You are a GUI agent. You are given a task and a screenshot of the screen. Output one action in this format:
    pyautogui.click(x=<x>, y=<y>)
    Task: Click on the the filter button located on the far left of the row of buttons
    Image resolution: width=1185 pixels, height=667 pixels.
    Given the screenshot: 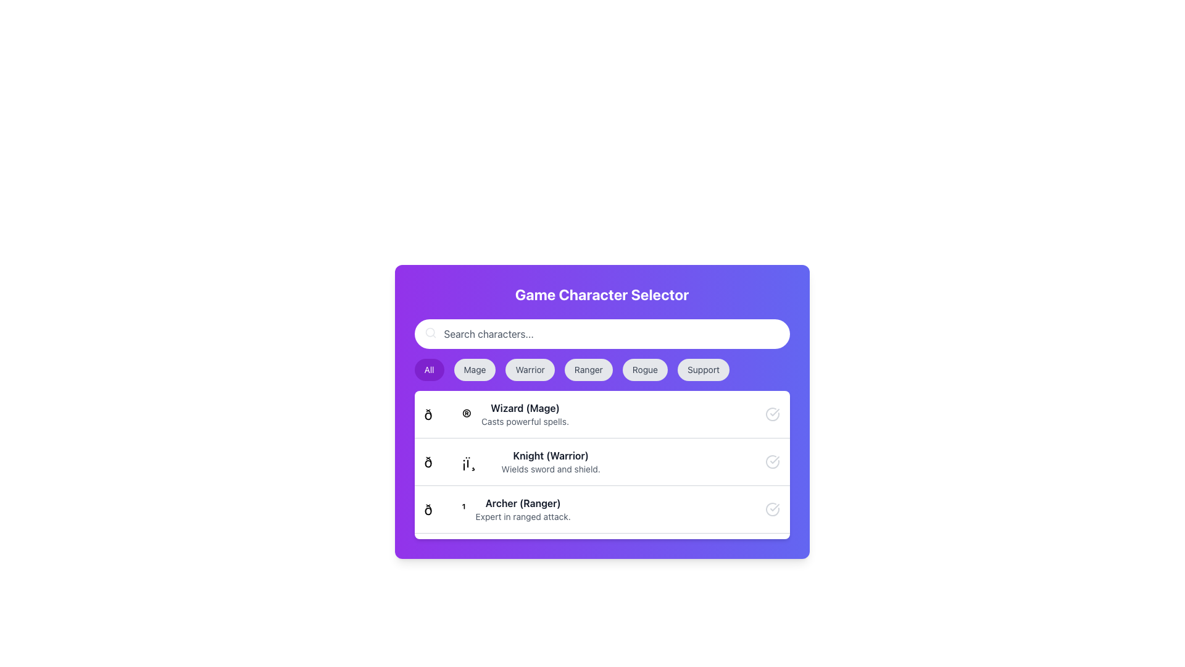 What is the action you would take?
    pyautogui.click(x=429, y=369)
    